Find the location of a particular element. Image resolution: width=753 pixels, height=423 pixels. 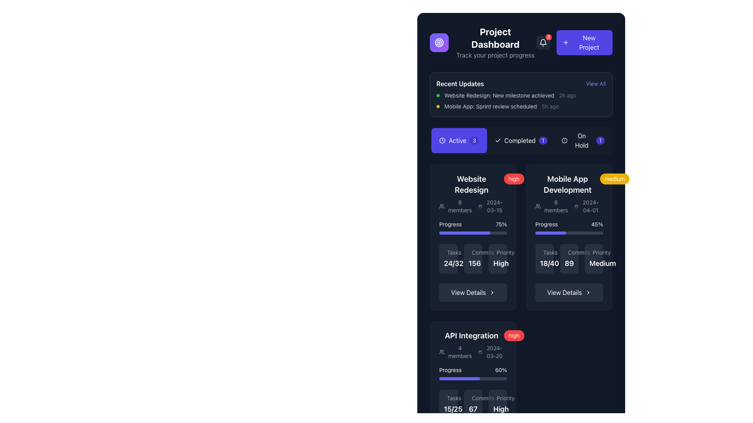

progress bar is located at coordinates (498, 378).